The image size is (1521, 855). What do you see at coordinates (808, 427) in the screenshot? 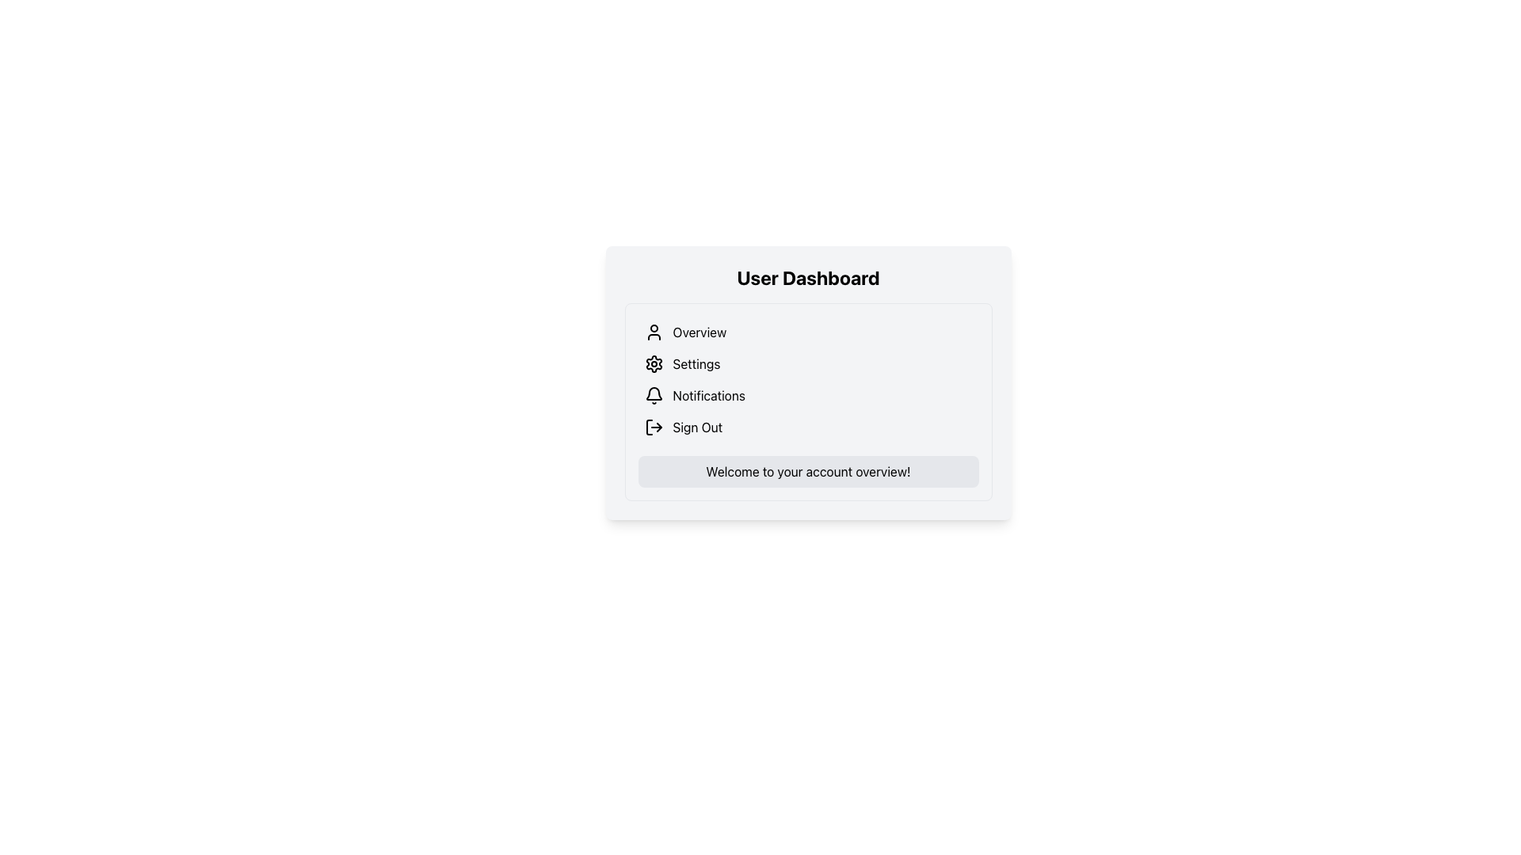
I see `keyboard navigation` at bounding box center [808, 427].